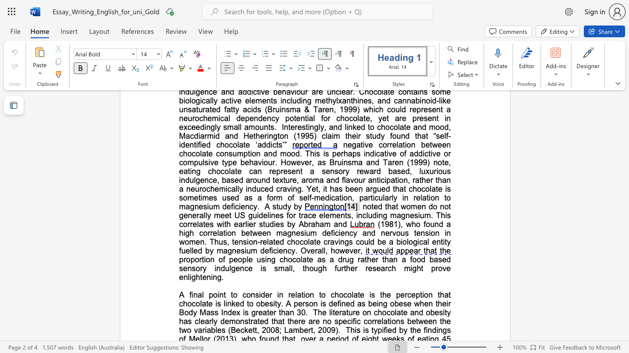 This screenshot has width=629, height=353. I want to click on the subset text "e literature on chocolate and obesity" within the text "The literature on chocolate and obesity has clearly", so click(322, 312).